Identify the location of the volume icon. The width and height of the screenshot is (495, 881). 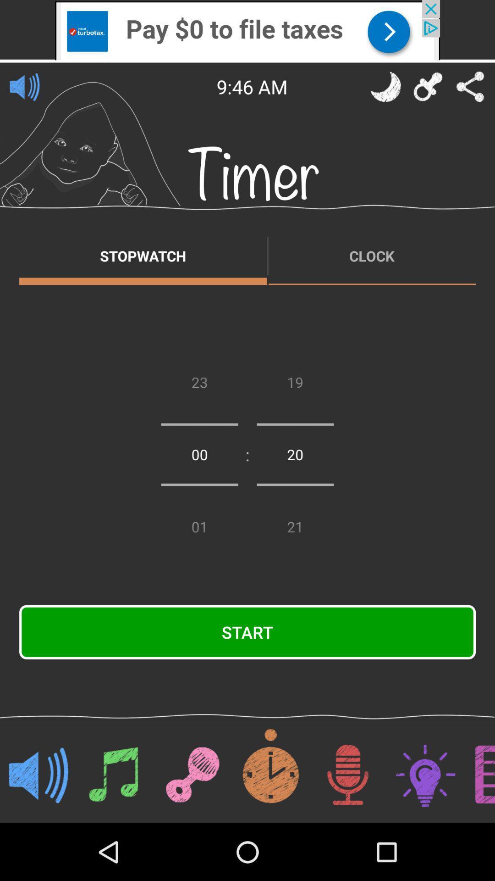
(24, 86).